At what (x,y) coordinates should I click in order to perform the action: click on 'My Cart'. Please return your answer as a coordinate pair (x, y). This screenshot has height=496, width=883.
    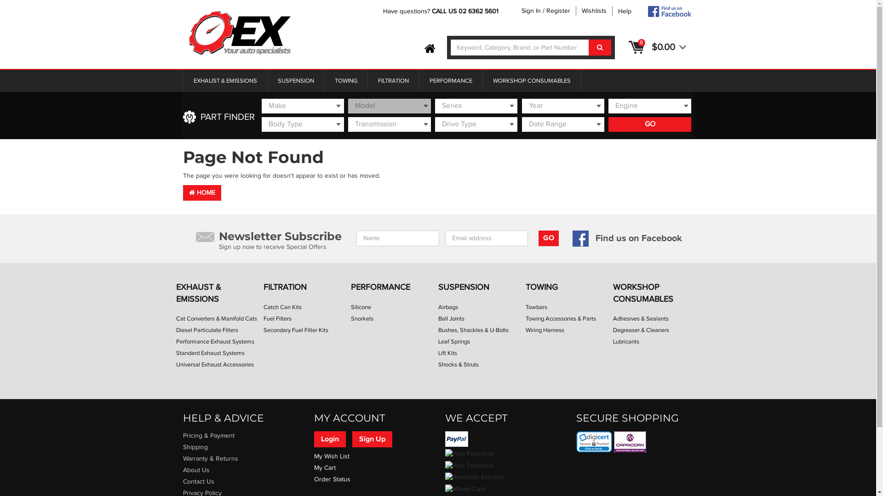
    Looking at the image, I should click on (324, 468).